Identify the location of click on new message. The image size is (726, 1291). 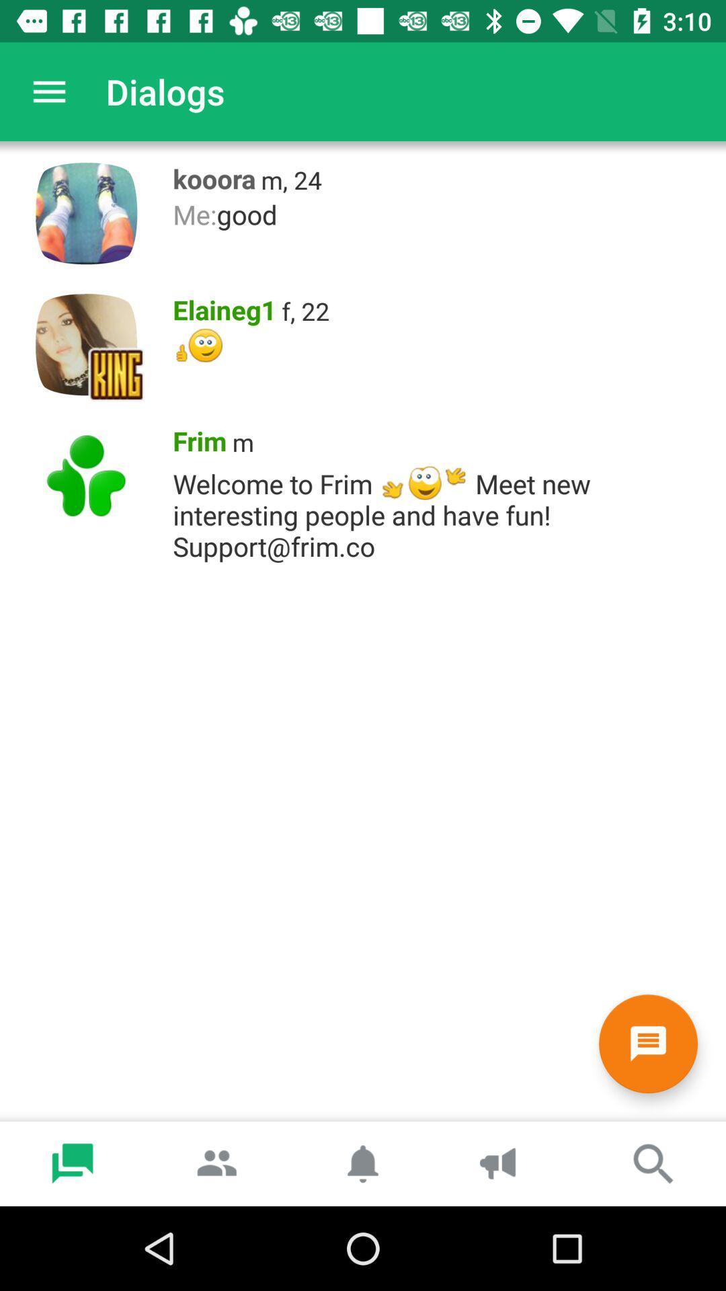
(647, 1043).